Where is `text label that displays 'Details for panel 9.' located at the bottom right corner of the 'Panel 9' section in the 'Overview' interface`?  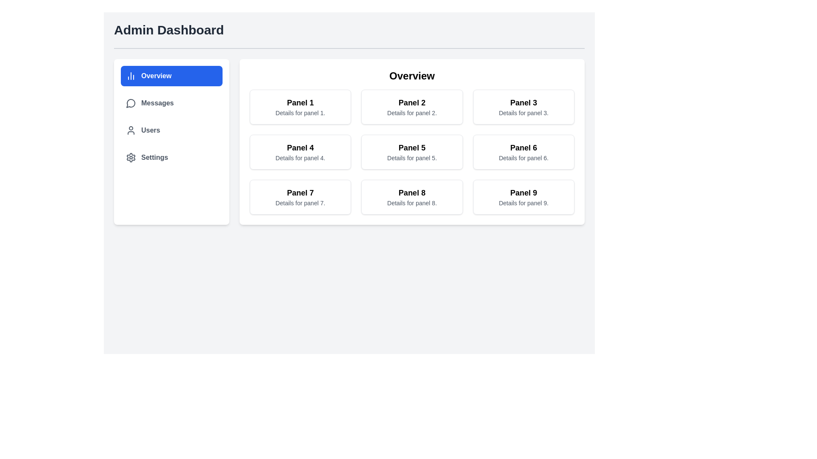 text label that displays 'Details for panel 9.' located at the bottom right corner of the 'Panel 9' section in the 'Overview' interface is located at coordinates (523, 203).